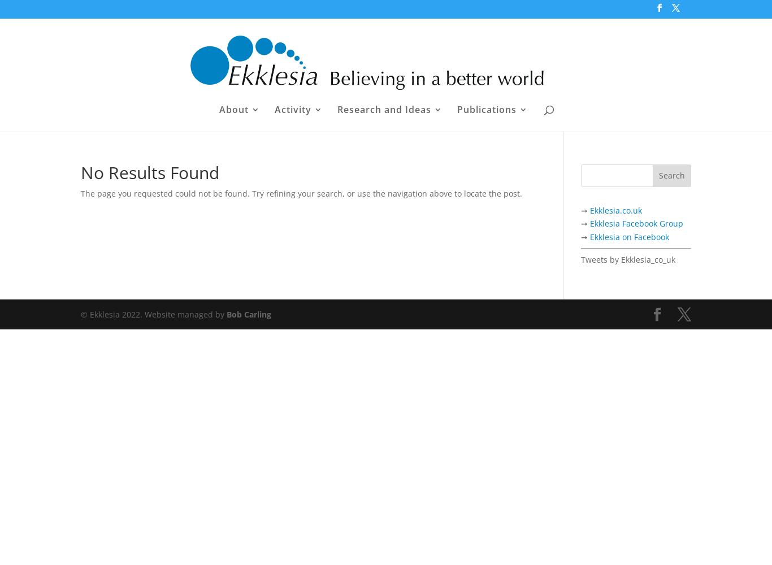 The height and width of the screenshot is (565, 772). Describe the element at coordinates (241, 177) in the screenshot. I see `'People'` at that location.